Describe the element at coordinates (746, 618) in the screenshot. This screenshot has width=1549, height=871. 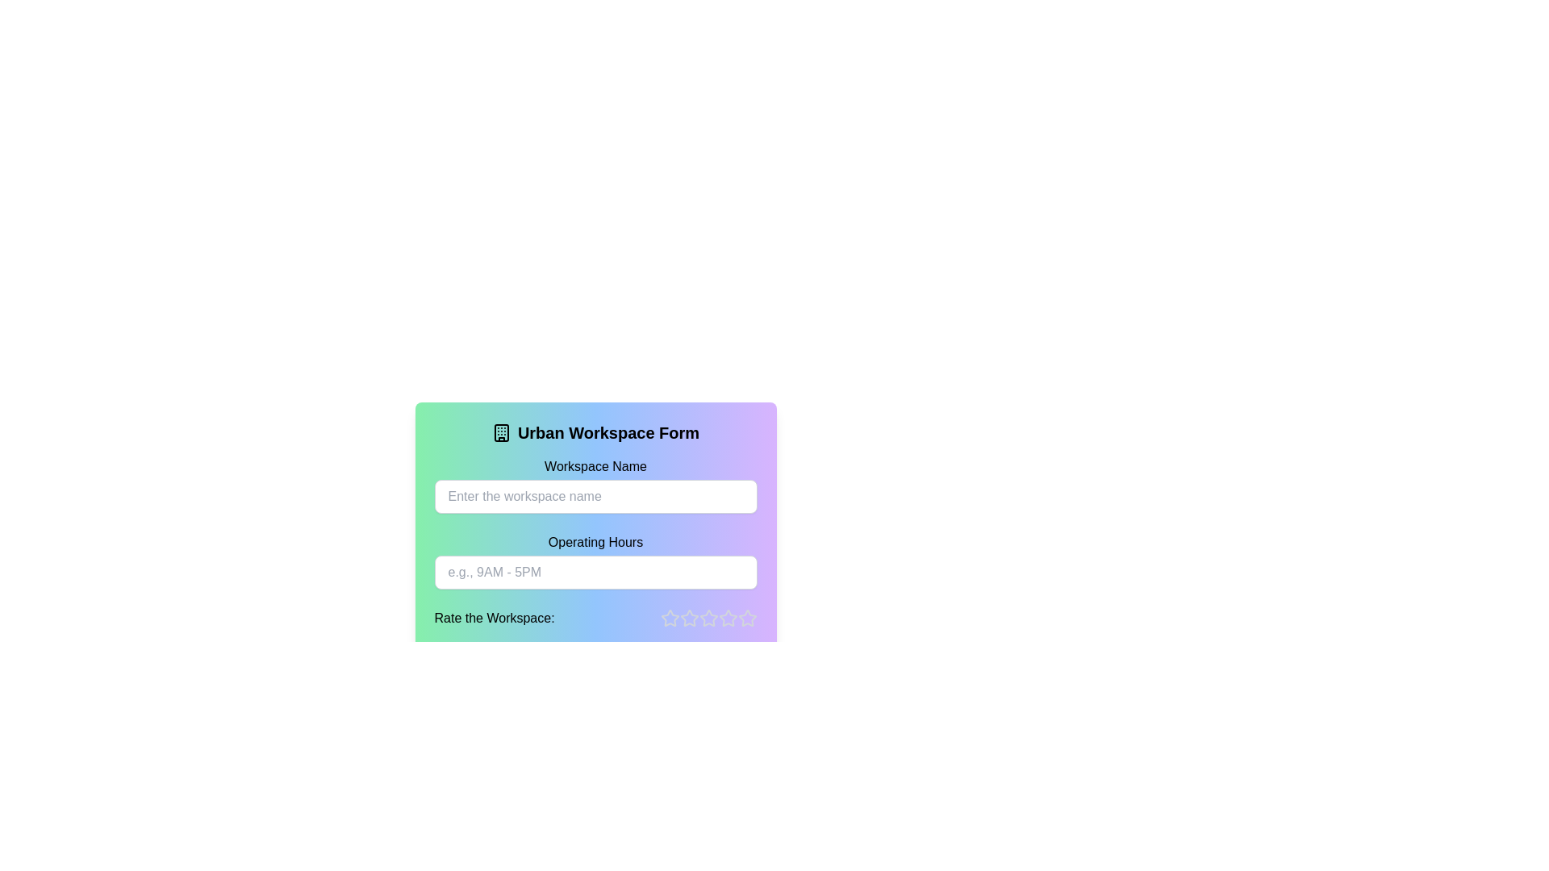
I see `to the fifth rating star icon in the 'Rate the Workspace' section` at that location.